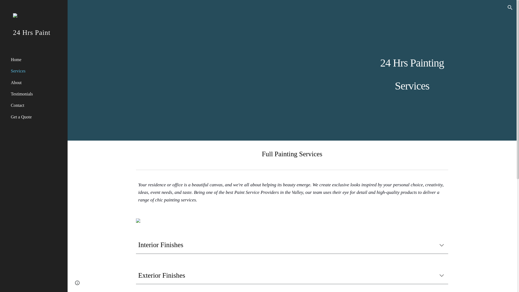 Image resolution: width=519 pixels, height=292 pixels. I want to click on 'Services', so click(37, 71).